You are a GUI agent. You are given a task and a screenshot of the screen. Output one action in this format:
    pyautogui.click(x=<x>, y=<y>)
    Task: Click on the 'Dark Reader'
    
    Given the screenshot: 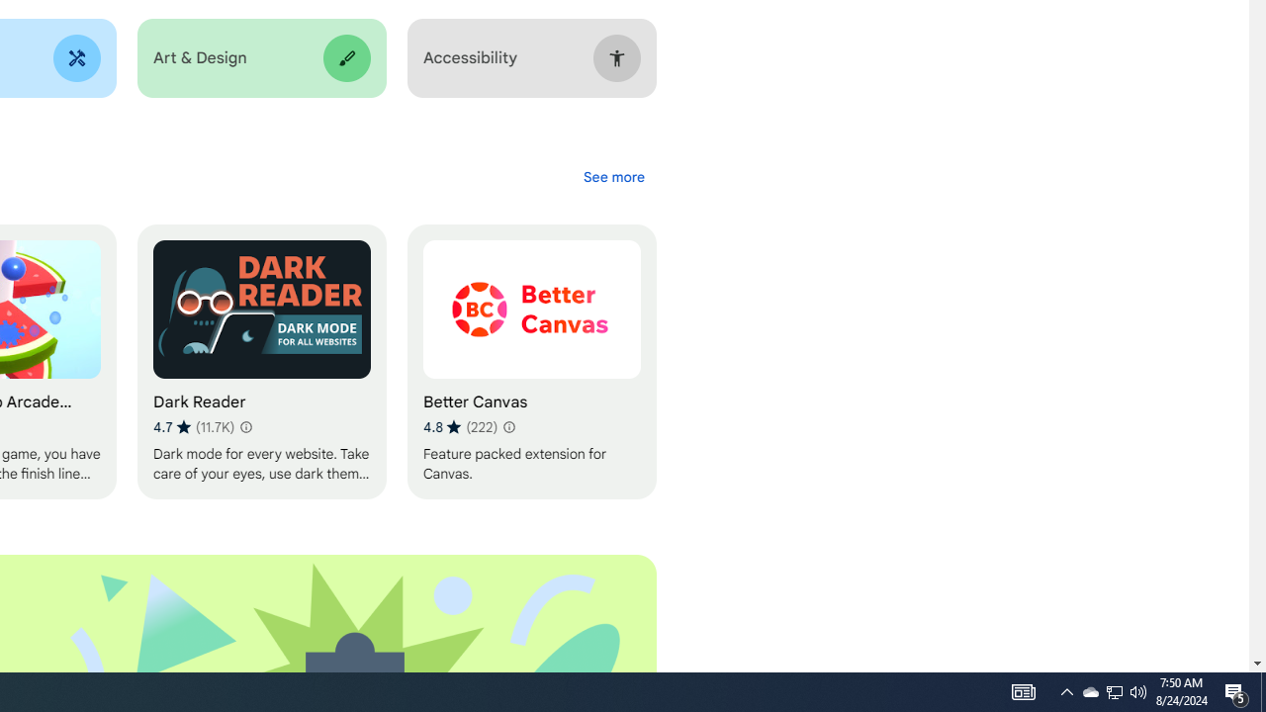 What is the action you would take?
    pyautogui.click(x=260, y=362)
    